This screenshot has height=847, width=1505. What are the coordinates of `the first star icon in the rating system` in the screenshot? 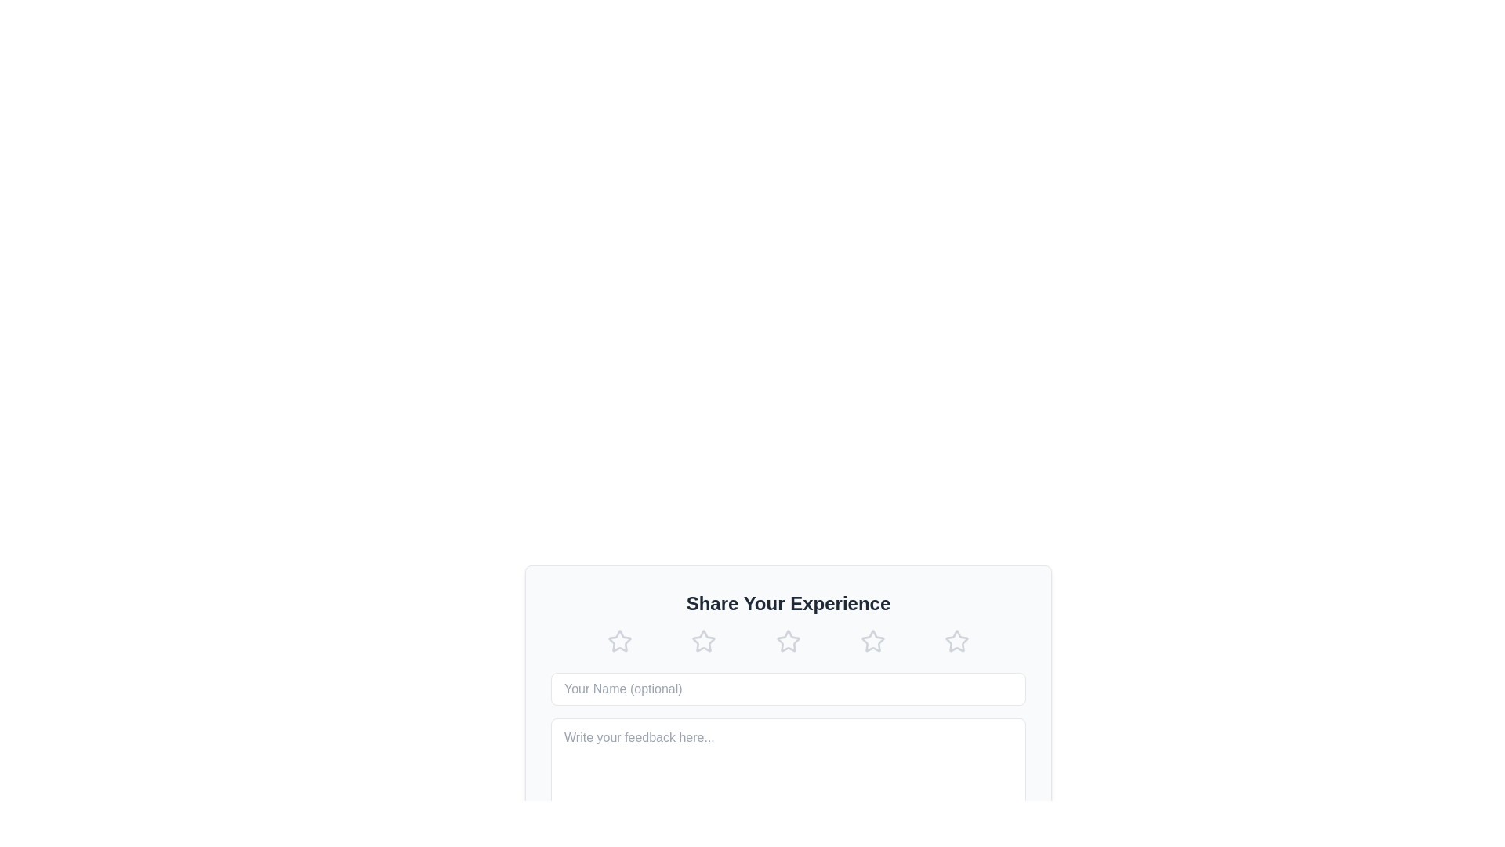 It's located at (618, 641).